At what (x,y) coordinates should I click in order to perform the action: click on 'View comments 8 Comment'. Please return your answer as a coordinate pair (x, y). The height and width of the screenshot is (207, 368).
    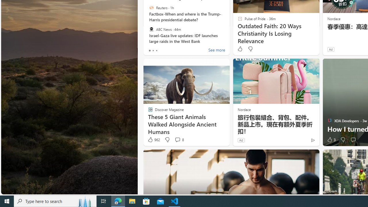
    Looking at the image, I should click on (179, 140).